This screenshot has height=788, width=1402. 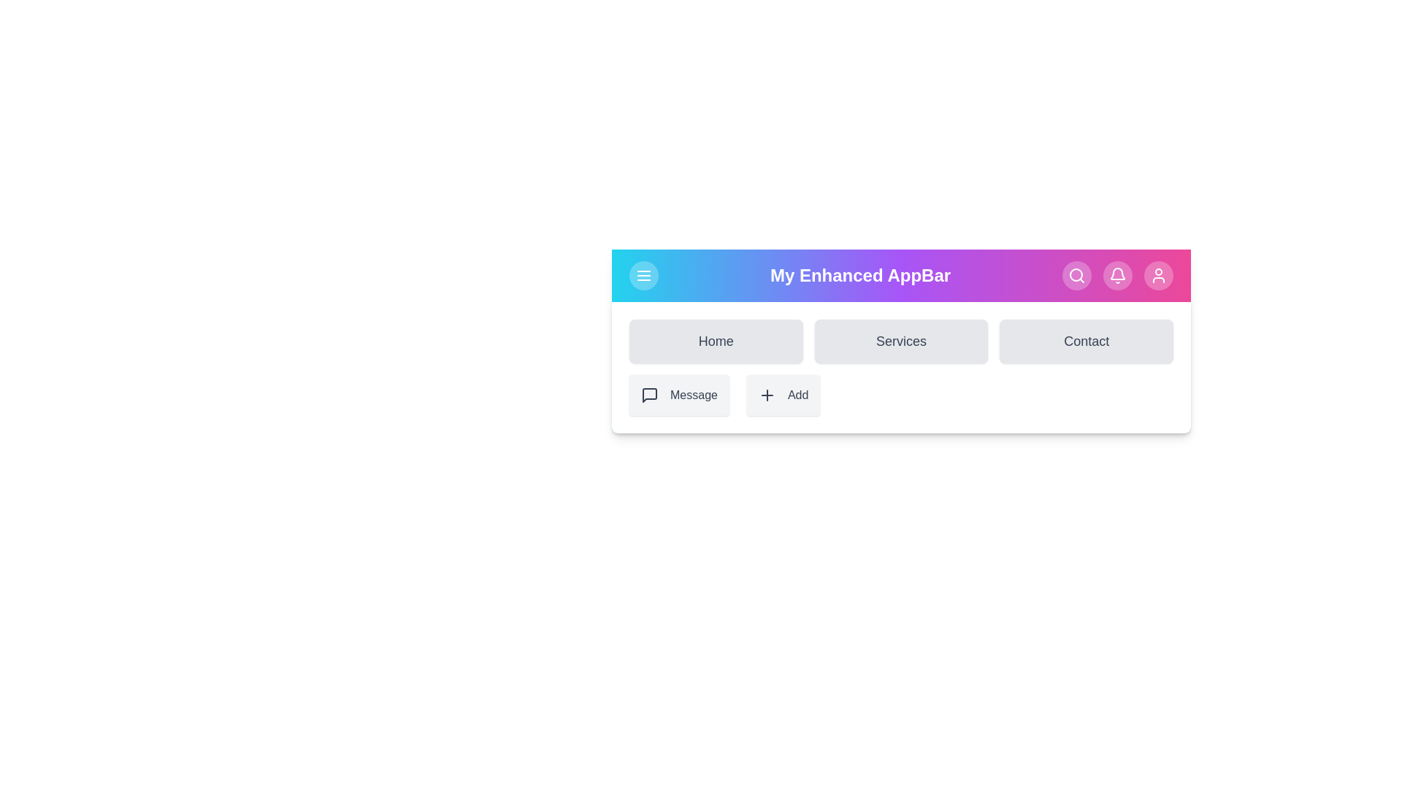 I want to click on the action button labeled Message, so click(x=678, y=395).